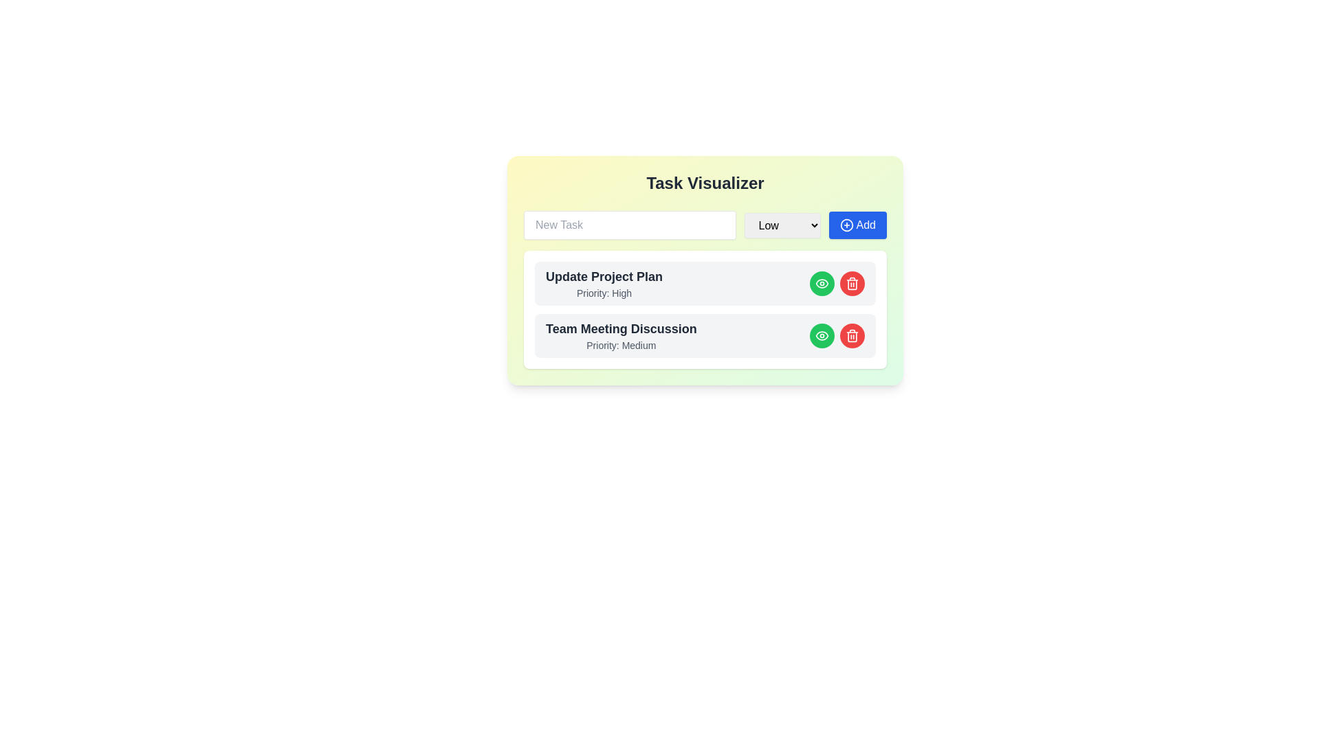  Describe the element at coordinates (851, 336) in the screenshot. I see `the outer frame of the trash bin icon, which is part of the 'Team Meeting Discussion' task item, located near the right end` at that location.